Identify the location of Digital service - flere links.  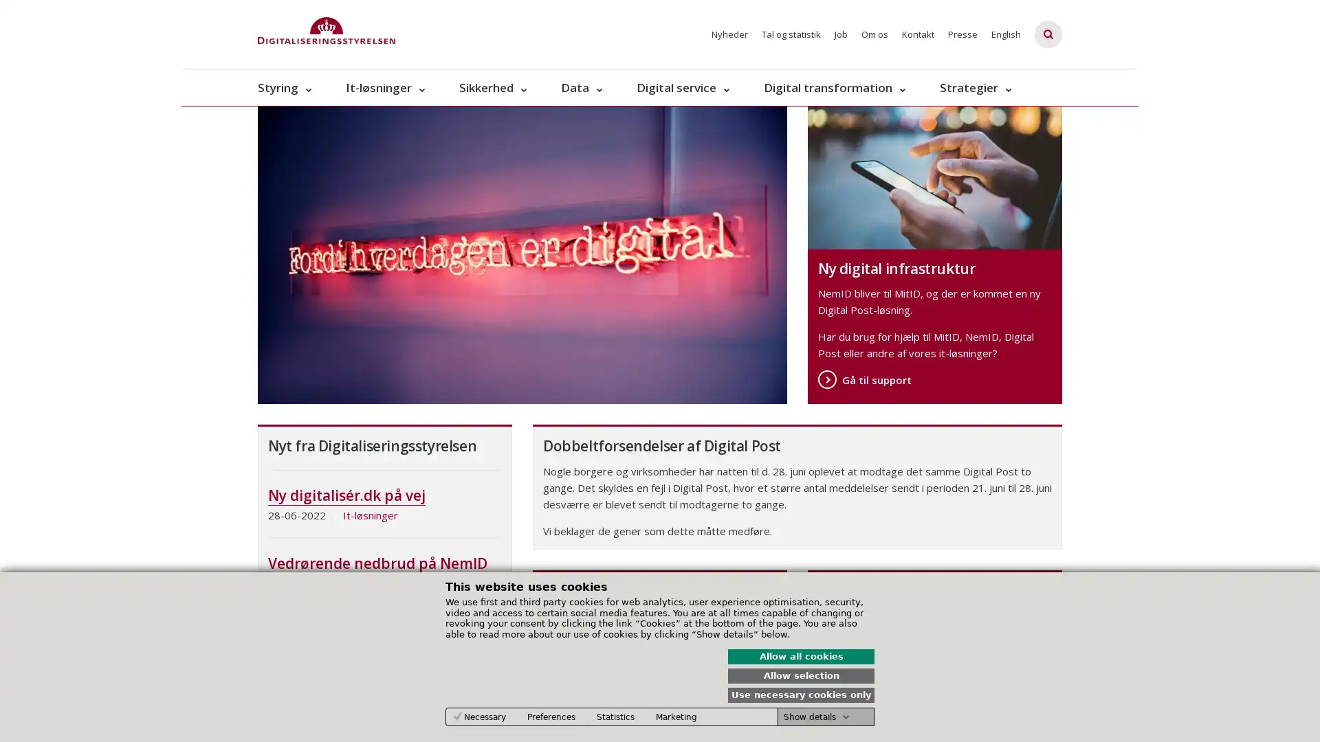
(725, 88).